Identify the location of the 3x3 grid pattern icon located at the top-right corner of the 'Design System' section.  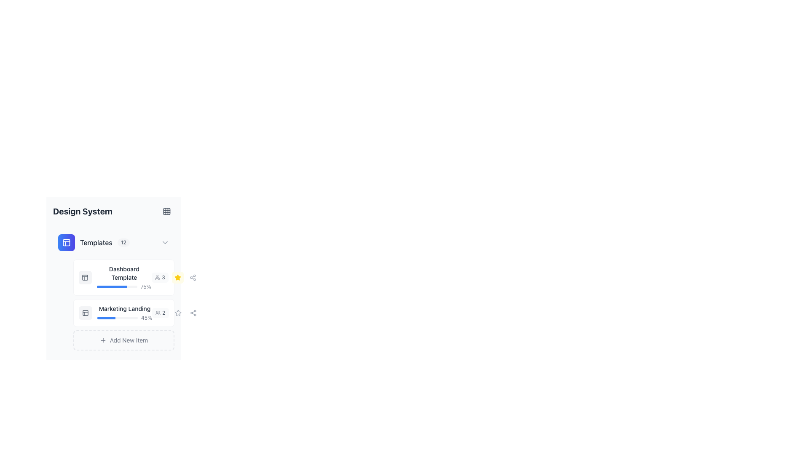
(166, 211).